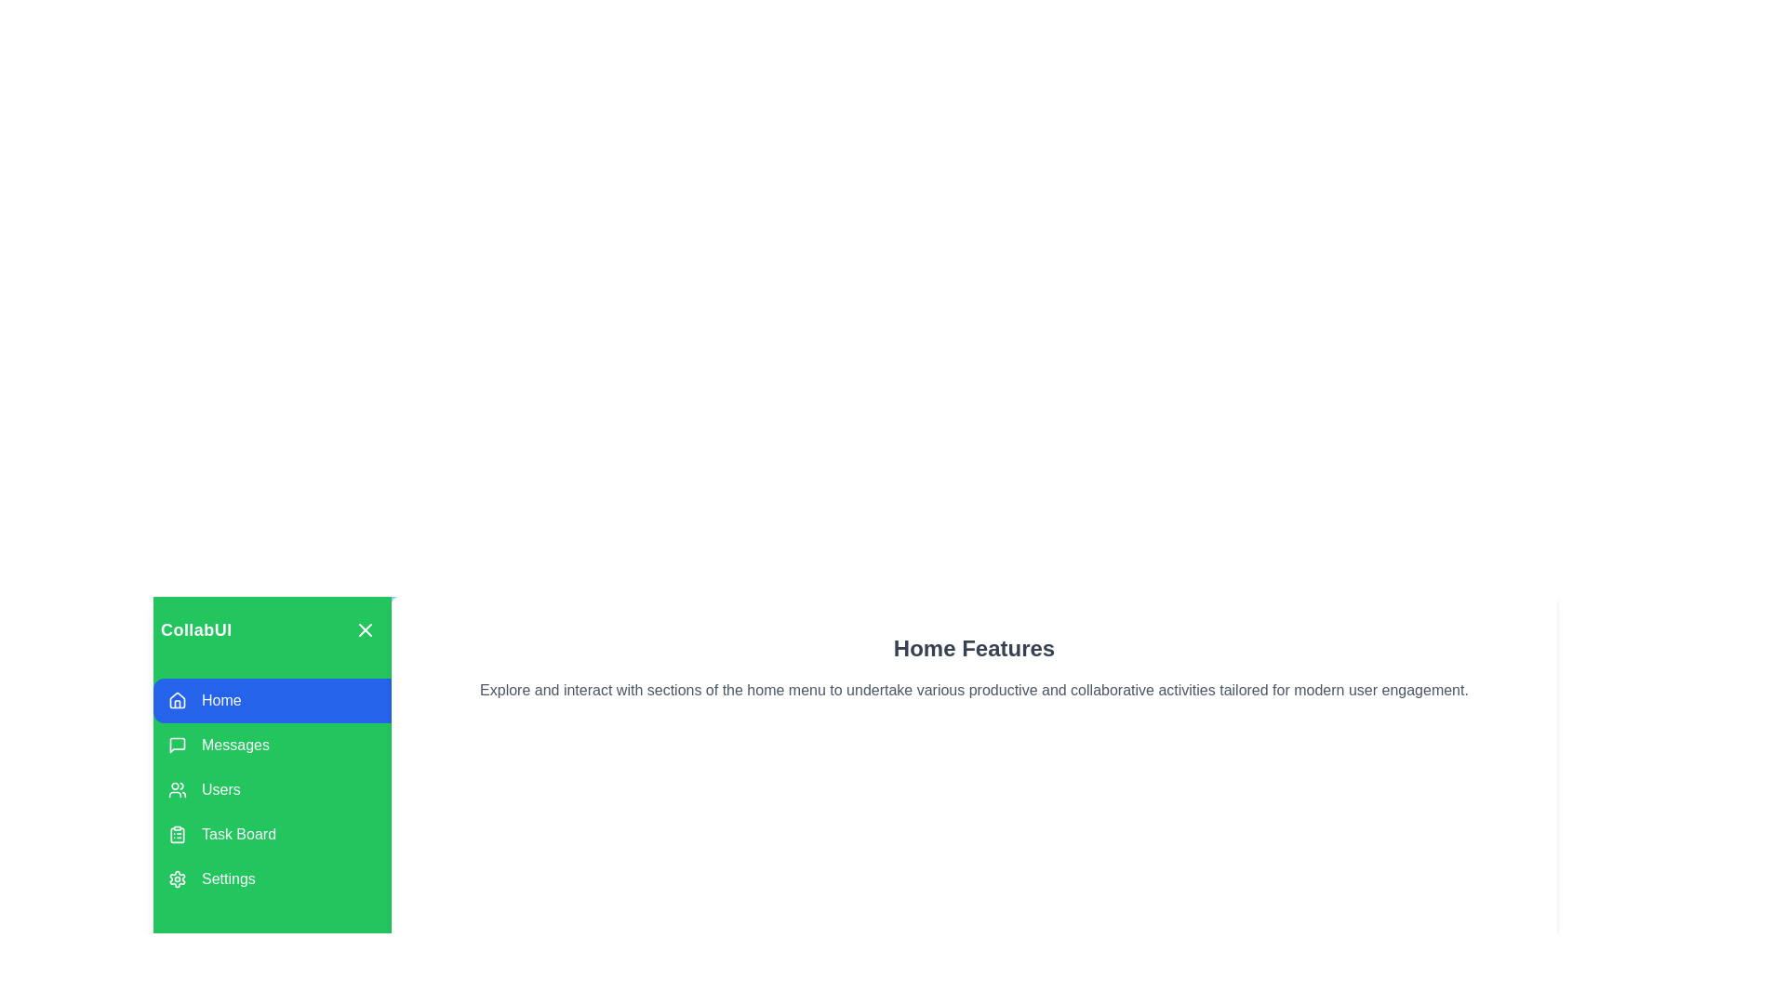 The height and width of the screenshot is (1004, 1786). Describe the element at coordinates (271, 878) in the screenshot. I see `the menu section Settings` at that location.